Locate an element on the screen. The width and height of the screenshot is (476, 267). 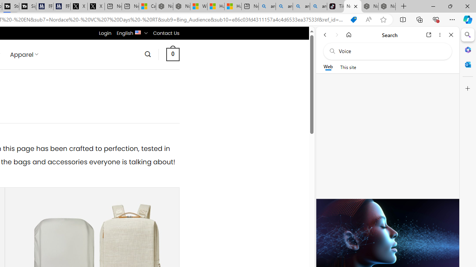
'TikTok' is located at coordinates (335, 6).